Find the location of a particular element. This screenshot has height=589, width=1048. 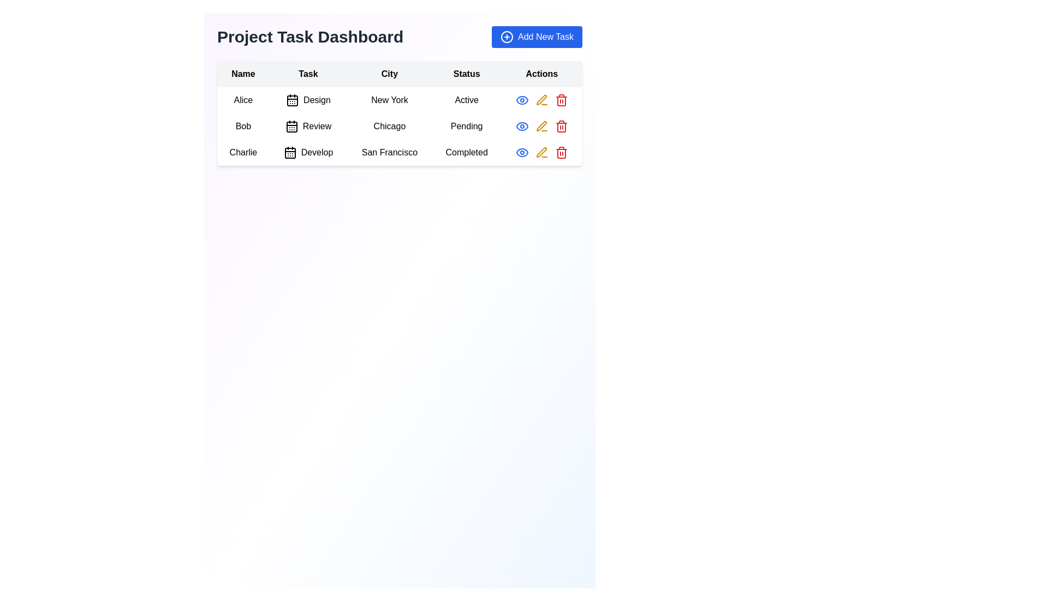

the circular icon with a plus sign that is inside the blue button labeled 'Add New Task' located at the top right corner of the interface is located at coordinates (507, 37).